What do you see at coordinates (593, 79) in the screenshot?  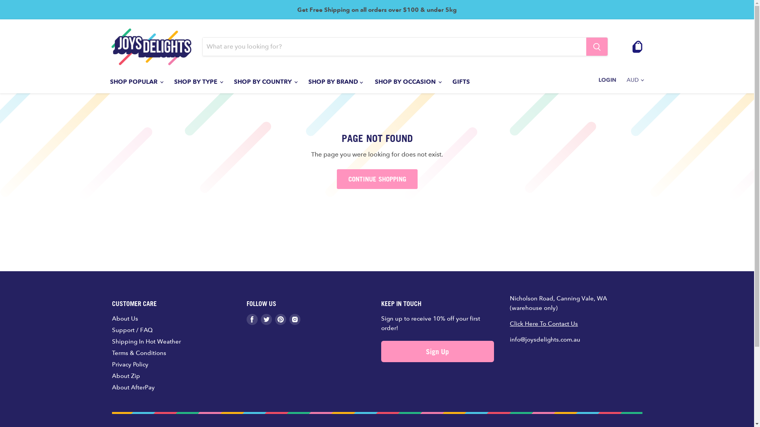 I see `'LOGIN'` at bounding box center [593, 79].